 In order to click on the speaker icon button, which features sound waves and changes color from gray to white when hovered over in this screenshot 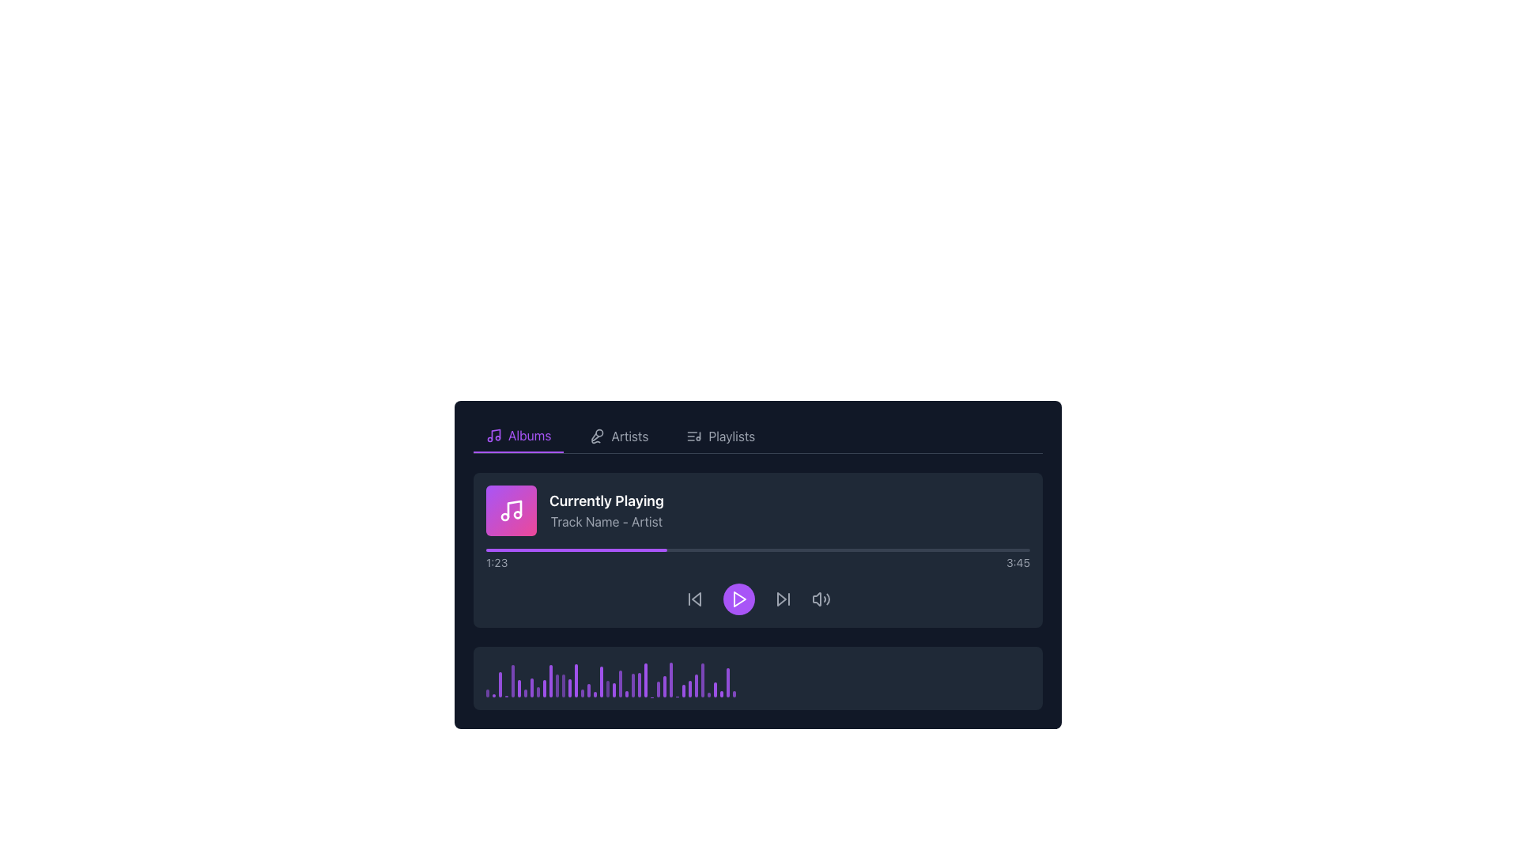, I will do `click(821, 599)`.